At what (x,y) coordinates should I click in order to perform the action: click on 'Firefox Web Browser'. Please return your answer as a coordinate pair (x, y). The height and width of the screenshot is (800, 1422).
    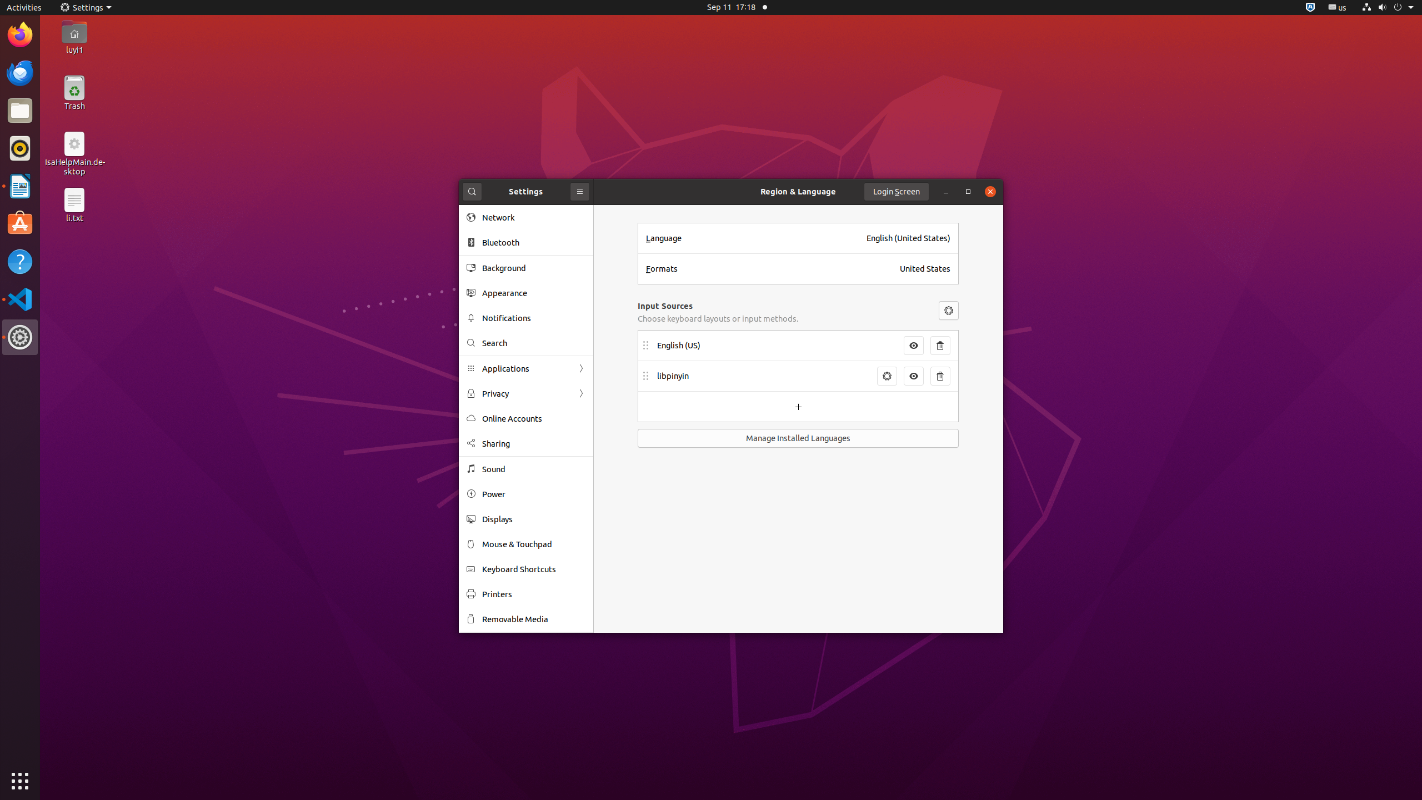
    Looking at the image, I should click on (20, 34).